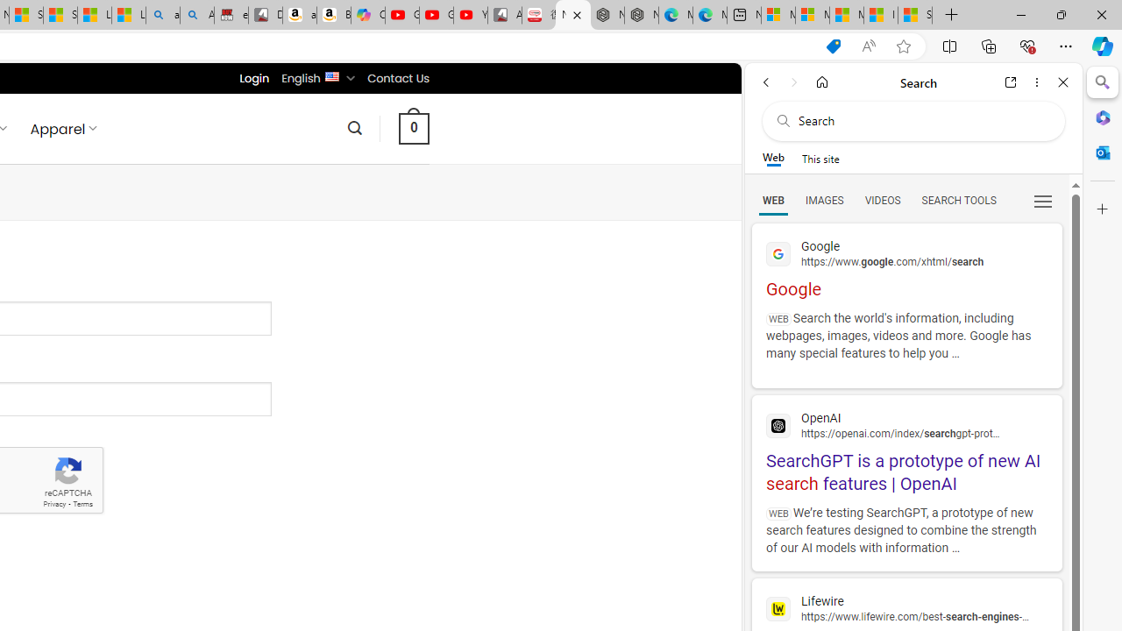 The height and width of the screenshot is (631, 1122). I want to click on 'Class: b_serphb', so click(1043, 201).